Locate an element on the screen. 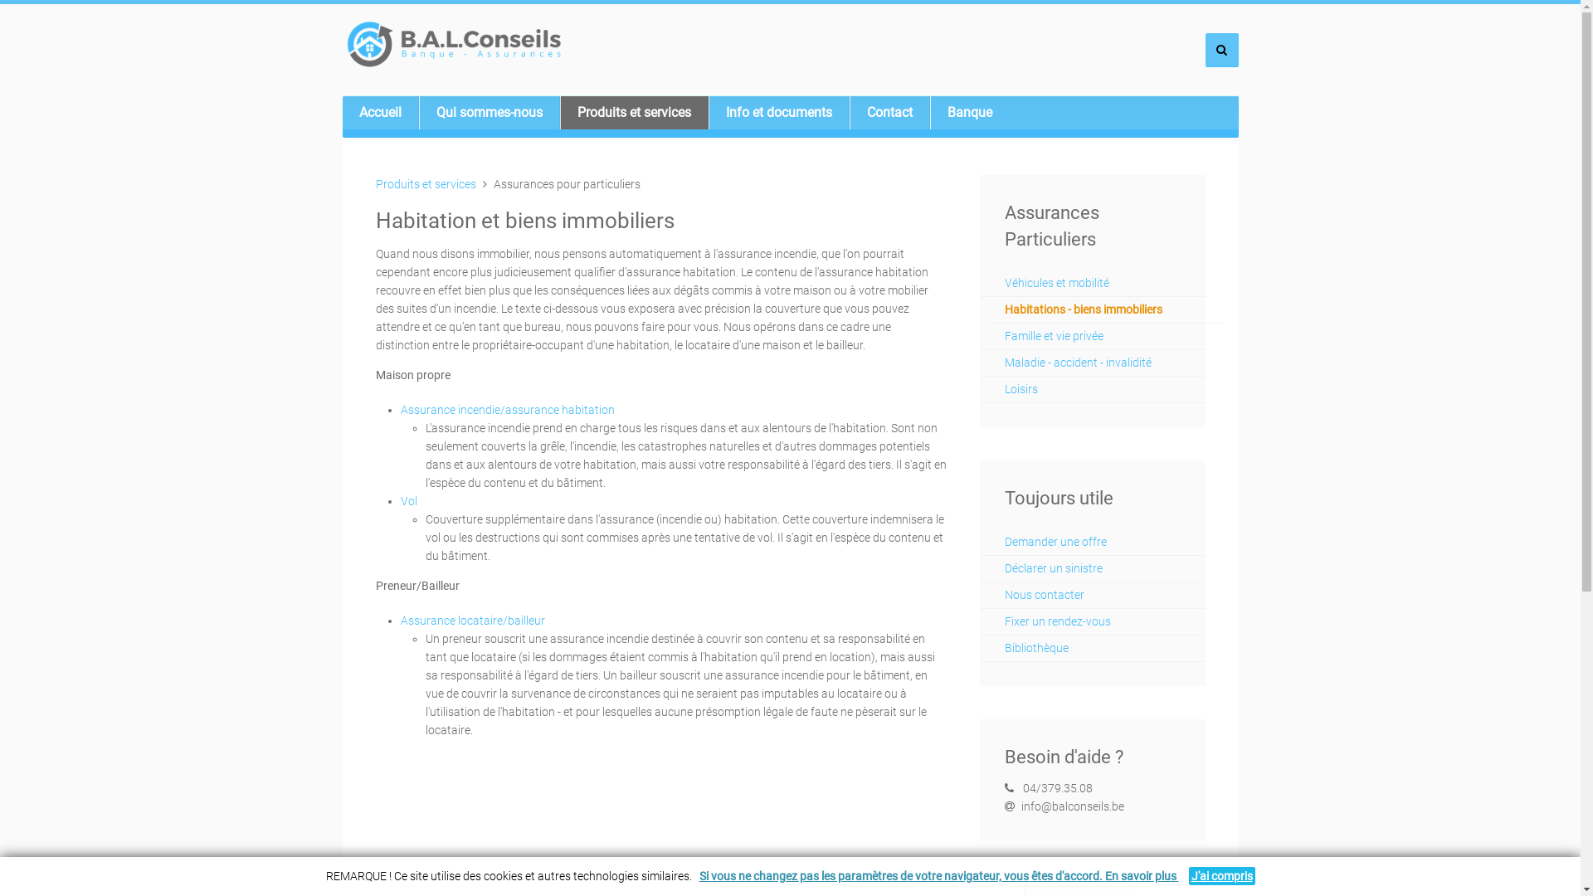 The height and width of the screenshot is (896, 1593). 'Vol' is located at coordinates (407, 500).